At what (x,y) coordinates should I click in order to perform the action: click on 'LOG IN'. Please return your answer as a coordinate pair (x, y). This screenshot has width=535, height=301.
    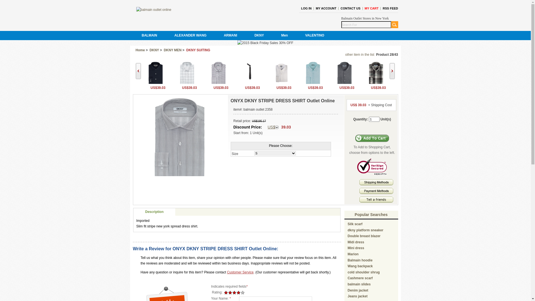
    Looking at the image, I should click on (306, 8).